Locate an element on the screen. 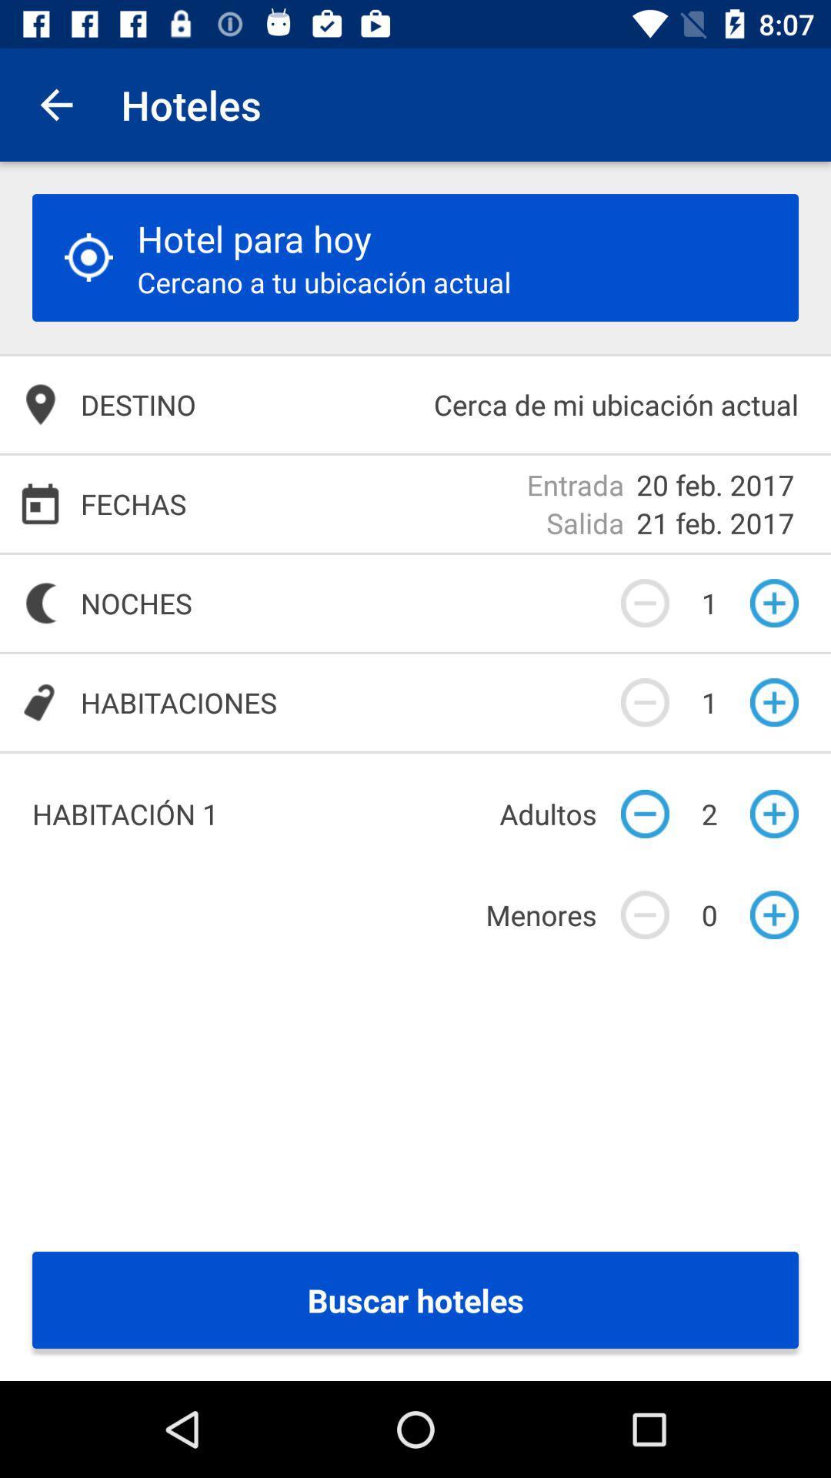 The image size is (831, 1478). buscar hoteles is located at coordinates (415, 1299).